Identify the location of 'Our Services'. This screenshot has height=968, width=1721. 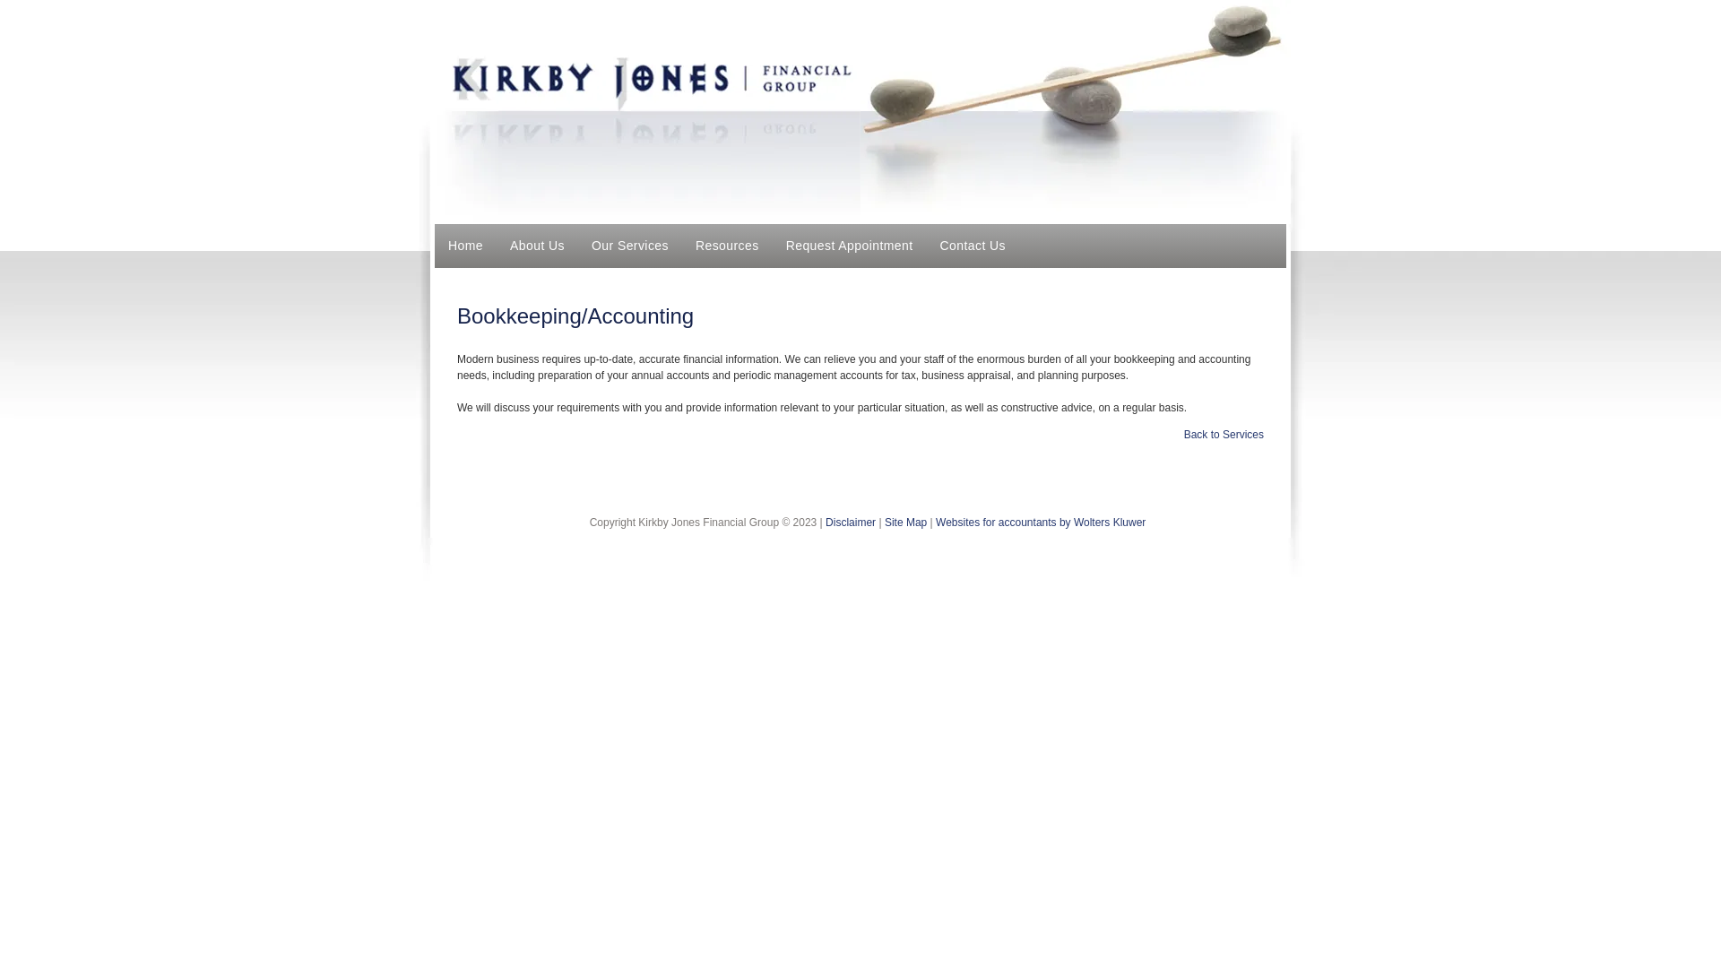
(629, 246).